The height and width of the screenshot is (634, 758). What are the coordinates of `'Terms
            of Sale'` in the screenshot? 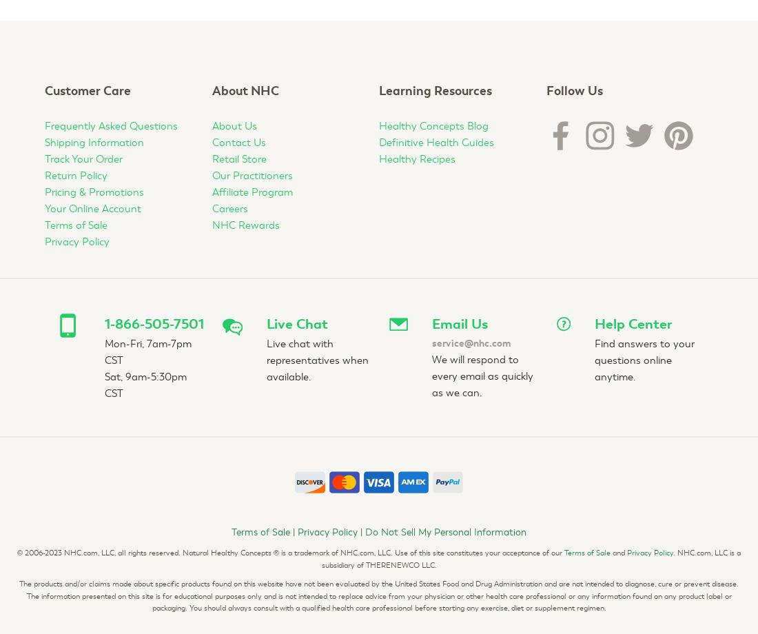 It's located at (586, 553).